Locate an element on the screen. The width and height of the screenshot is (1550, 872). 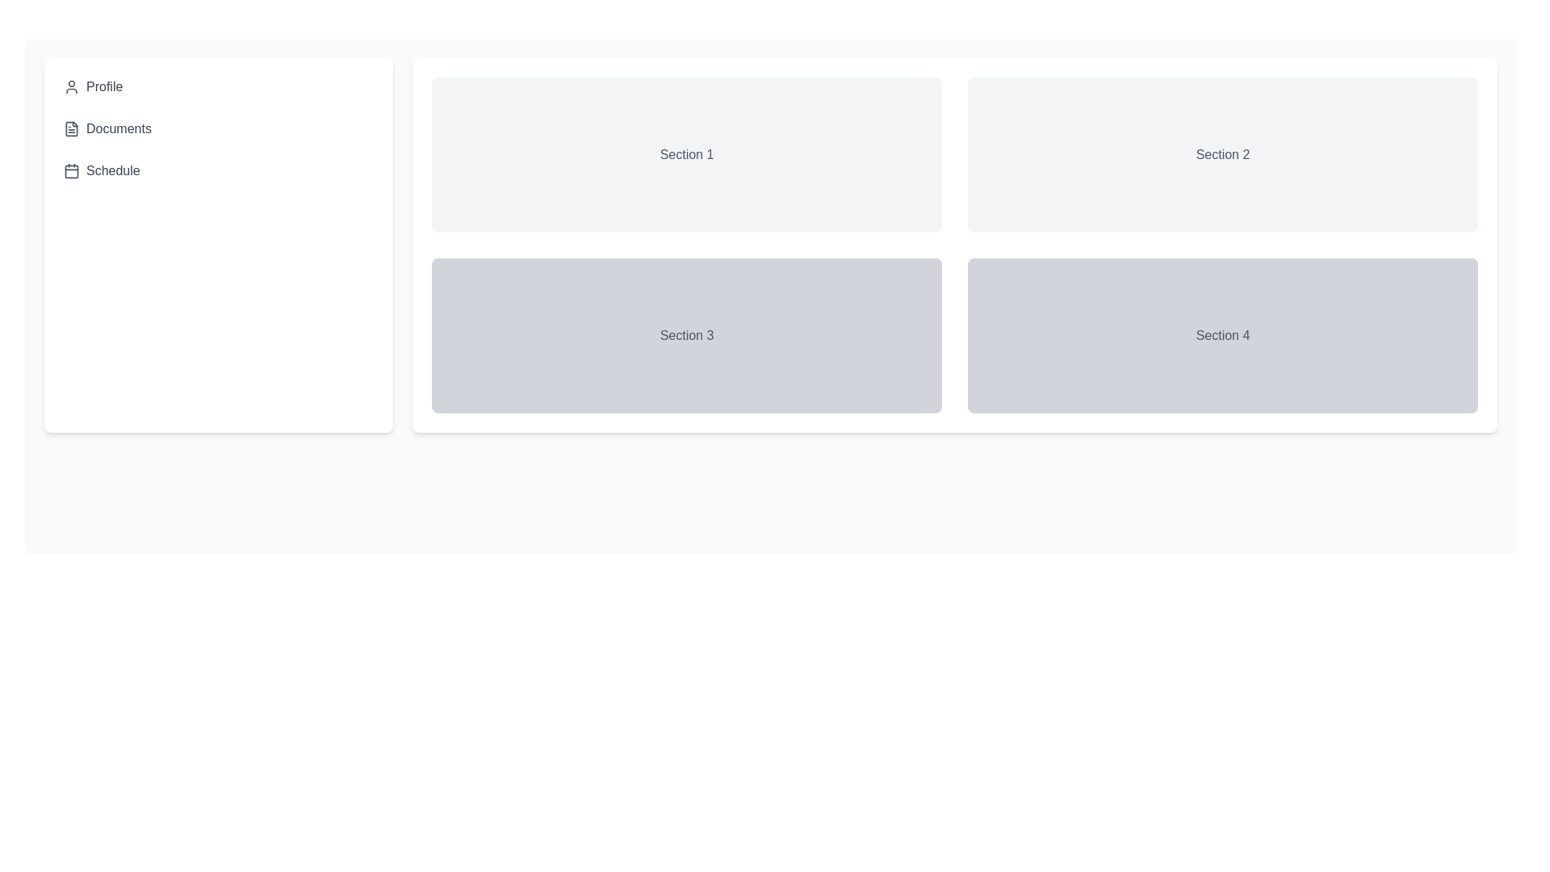
the rectangular section labeled 'Section 3' with a light gray background and rounded corners, located is located at coordinates (686, 335).